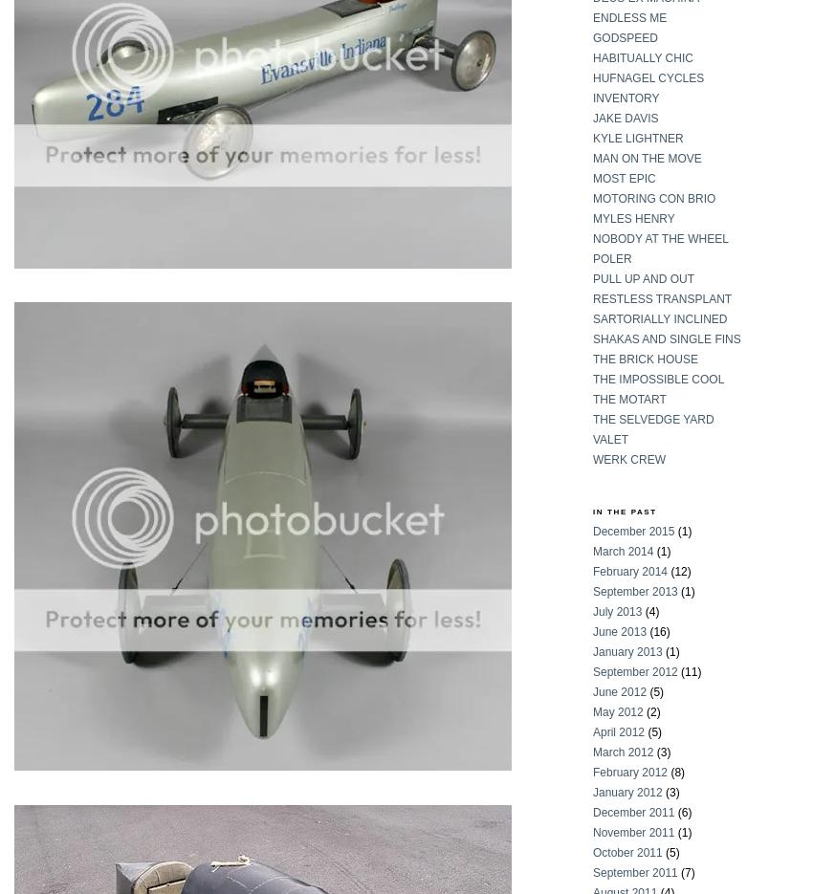 The image size is (813, 894). What do you see at coordinates (591, 16) in the screenshot?
I see `'ENDLESS ME'` at bounding box center [591, 16].